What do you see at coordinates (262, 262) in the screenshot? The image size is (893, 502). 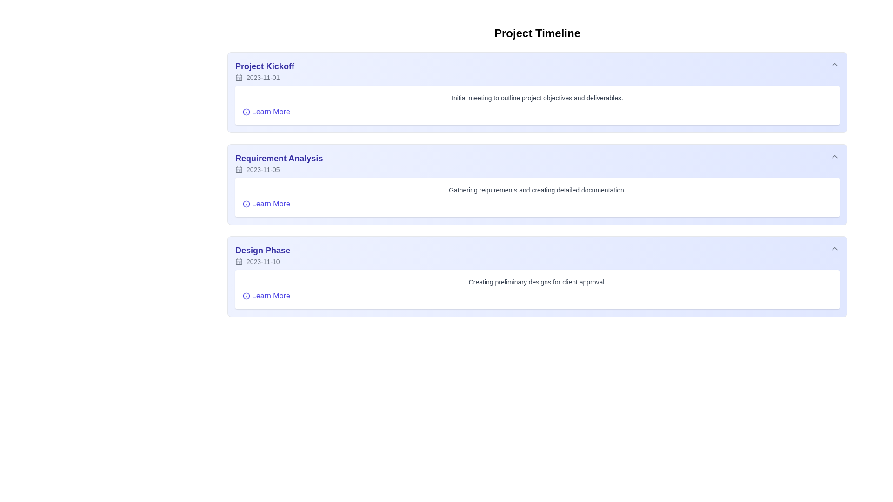 I see `the date label displaying '2023-11-10' which is located below the title 'Design Phase'` at bounding box center [262, 262].